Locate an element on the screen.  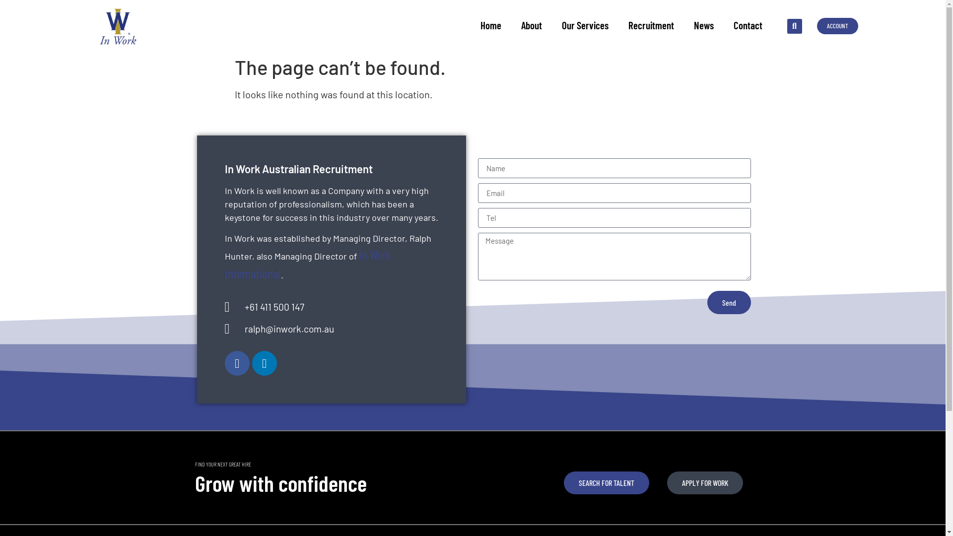
'Home' is located at coordinates (490, 24).